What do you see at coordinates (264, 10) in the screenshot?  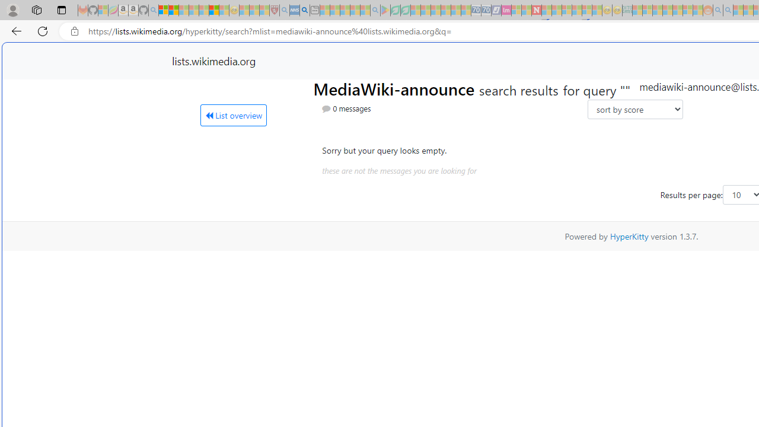 I see `'Local - MSN - Sleeping'` at bounding box center [264, 10].